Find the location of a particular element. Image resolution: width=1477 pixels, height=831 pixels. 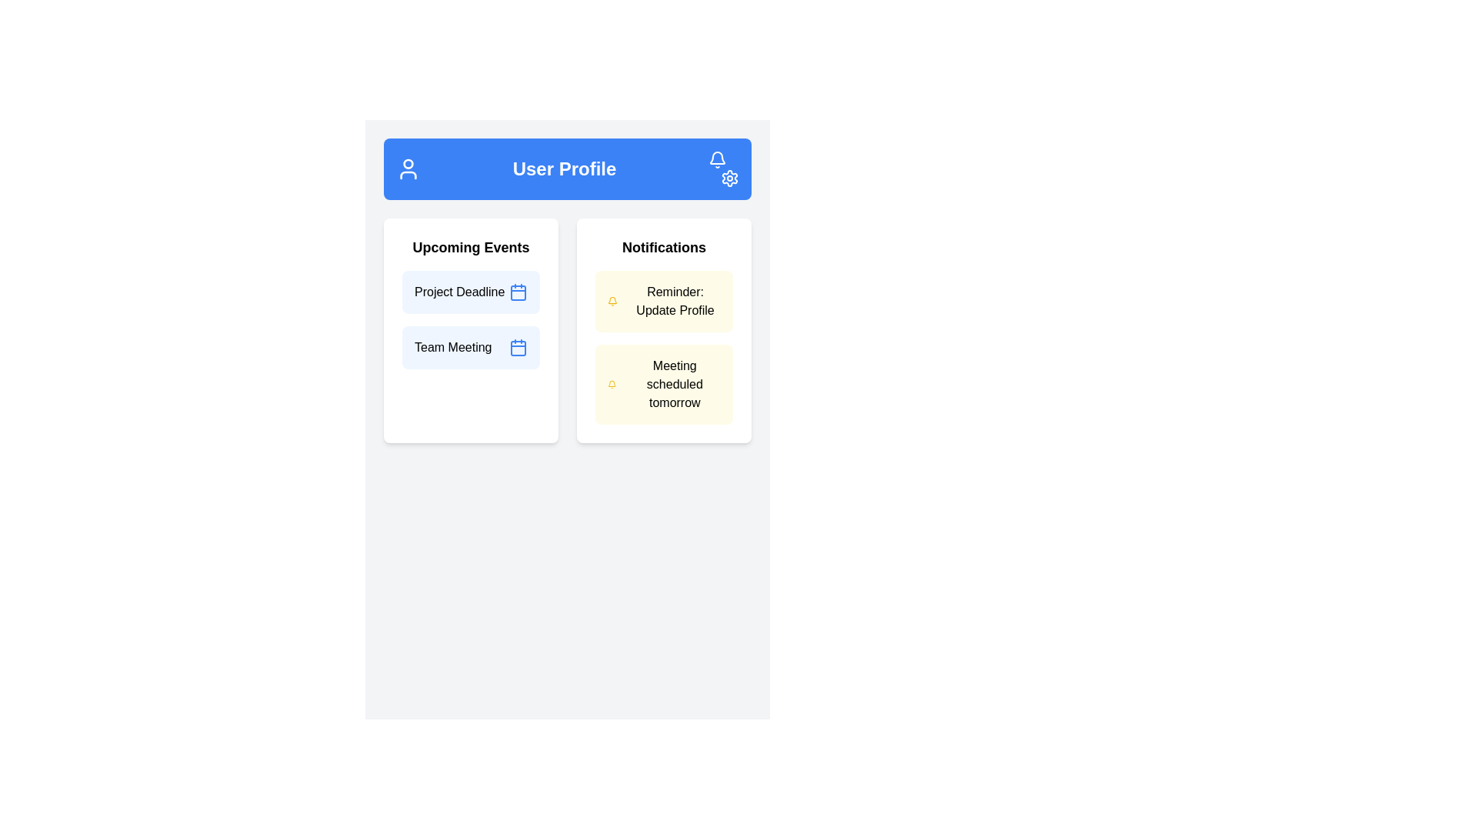

the circular part of the user avatar icon located at the top area of the interface, which is part of the user profile icon in the header bar is located at coordinates (408, 163).